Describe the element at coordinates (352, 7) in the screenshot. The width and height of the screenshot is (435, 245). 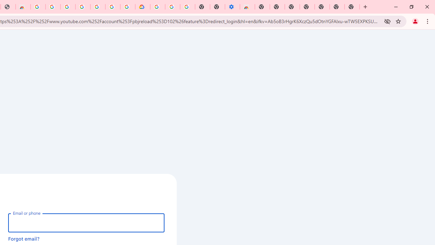
I see `'New Tab'` at that location.